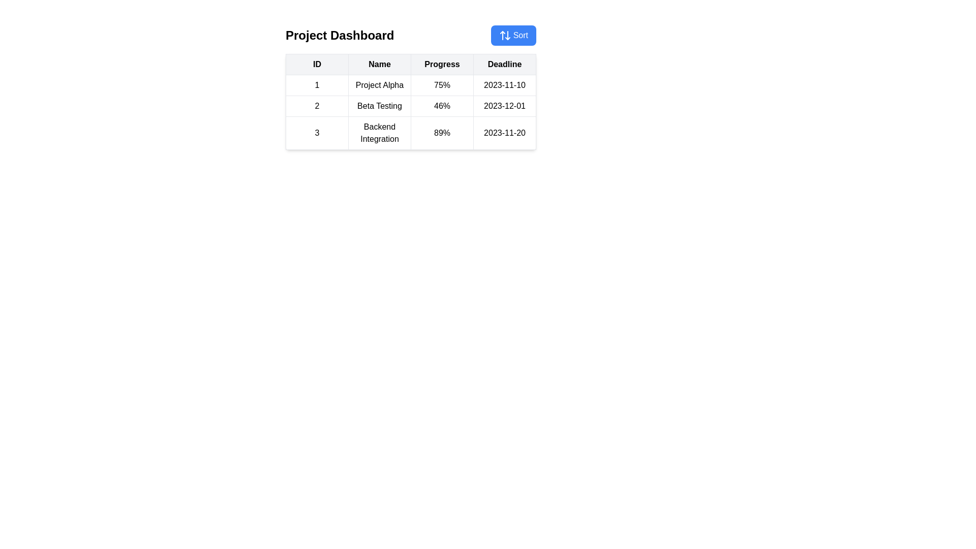 The width and height of the screenshot is (976, 549). What do you see at coordinates (317, 85) in the screenshot?
I see `text in the table cell located under the 'ID' header, which contains the number '1' and is part of the row for 'Project Alpha'` at bounding box center [317, 85].